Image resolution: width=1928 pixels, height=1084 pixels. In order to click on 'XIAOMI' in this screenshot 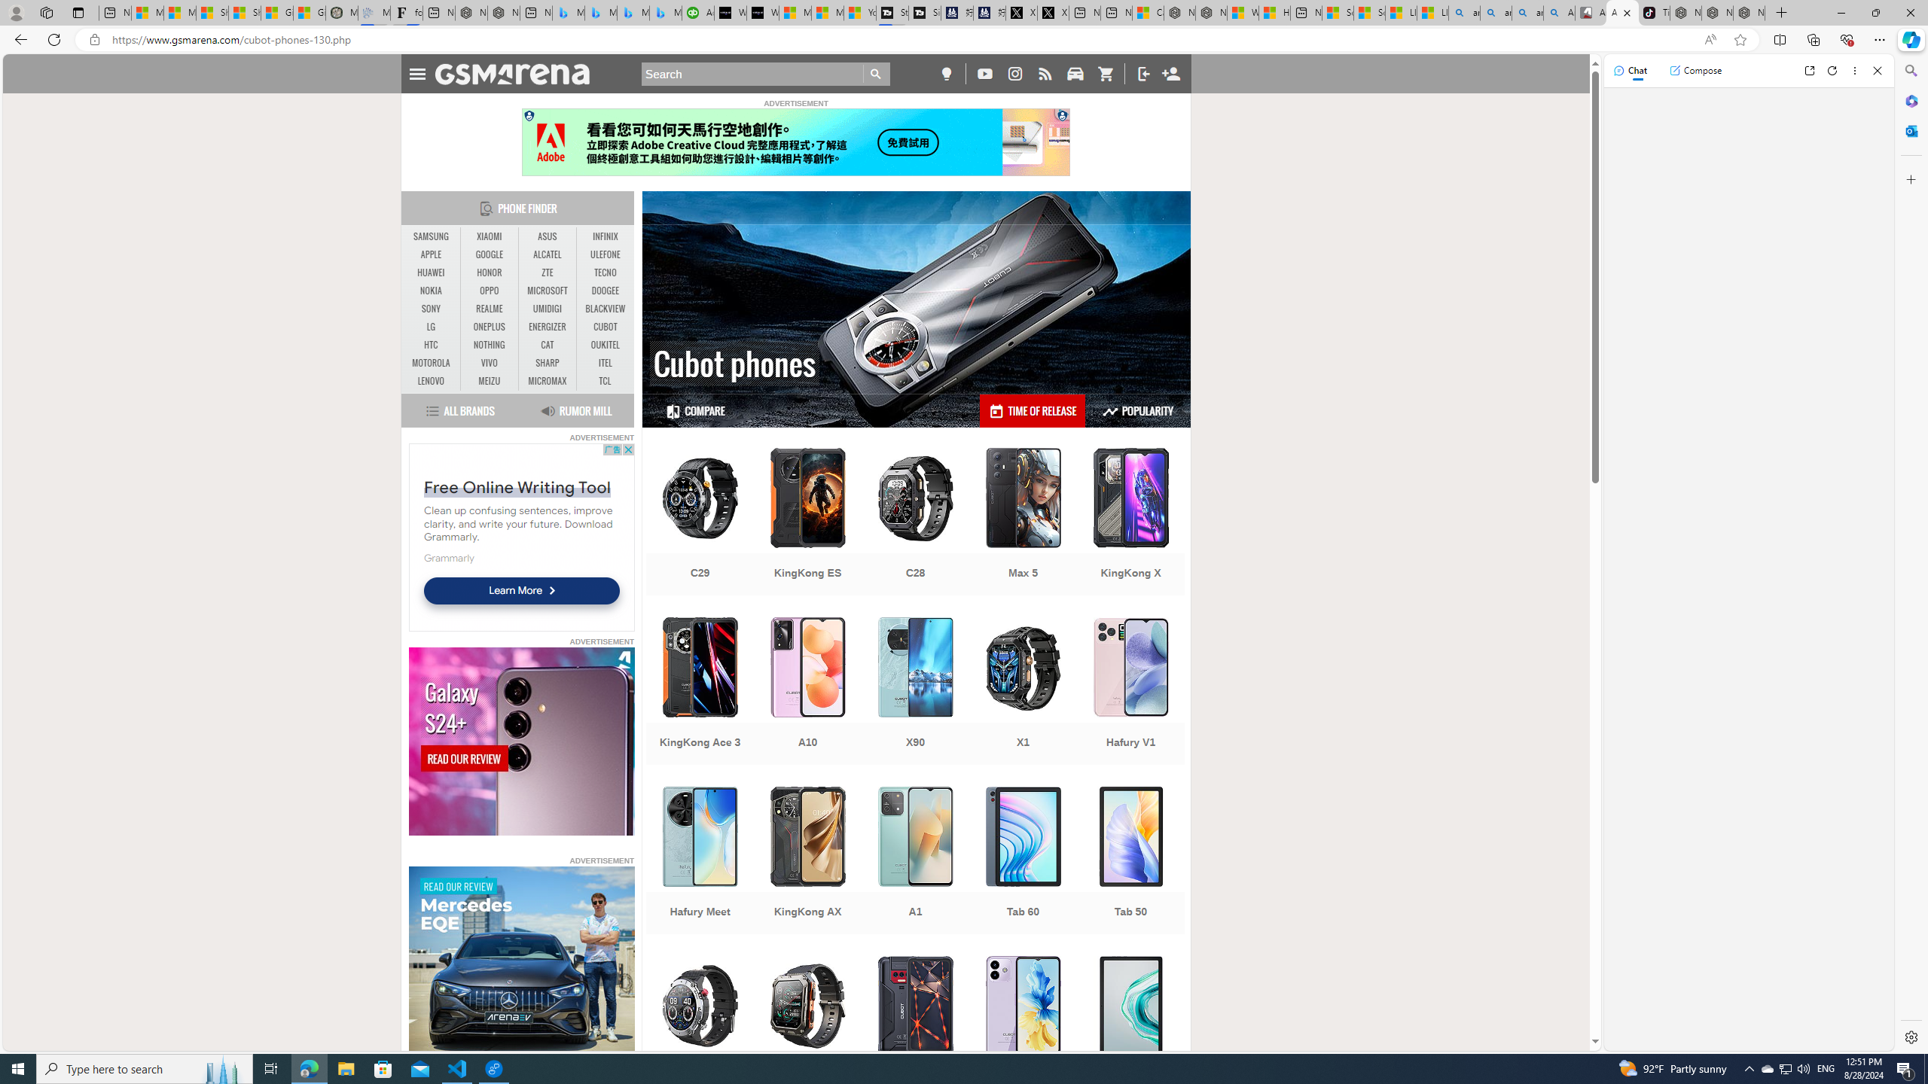, I will do `click(489, 236)`.